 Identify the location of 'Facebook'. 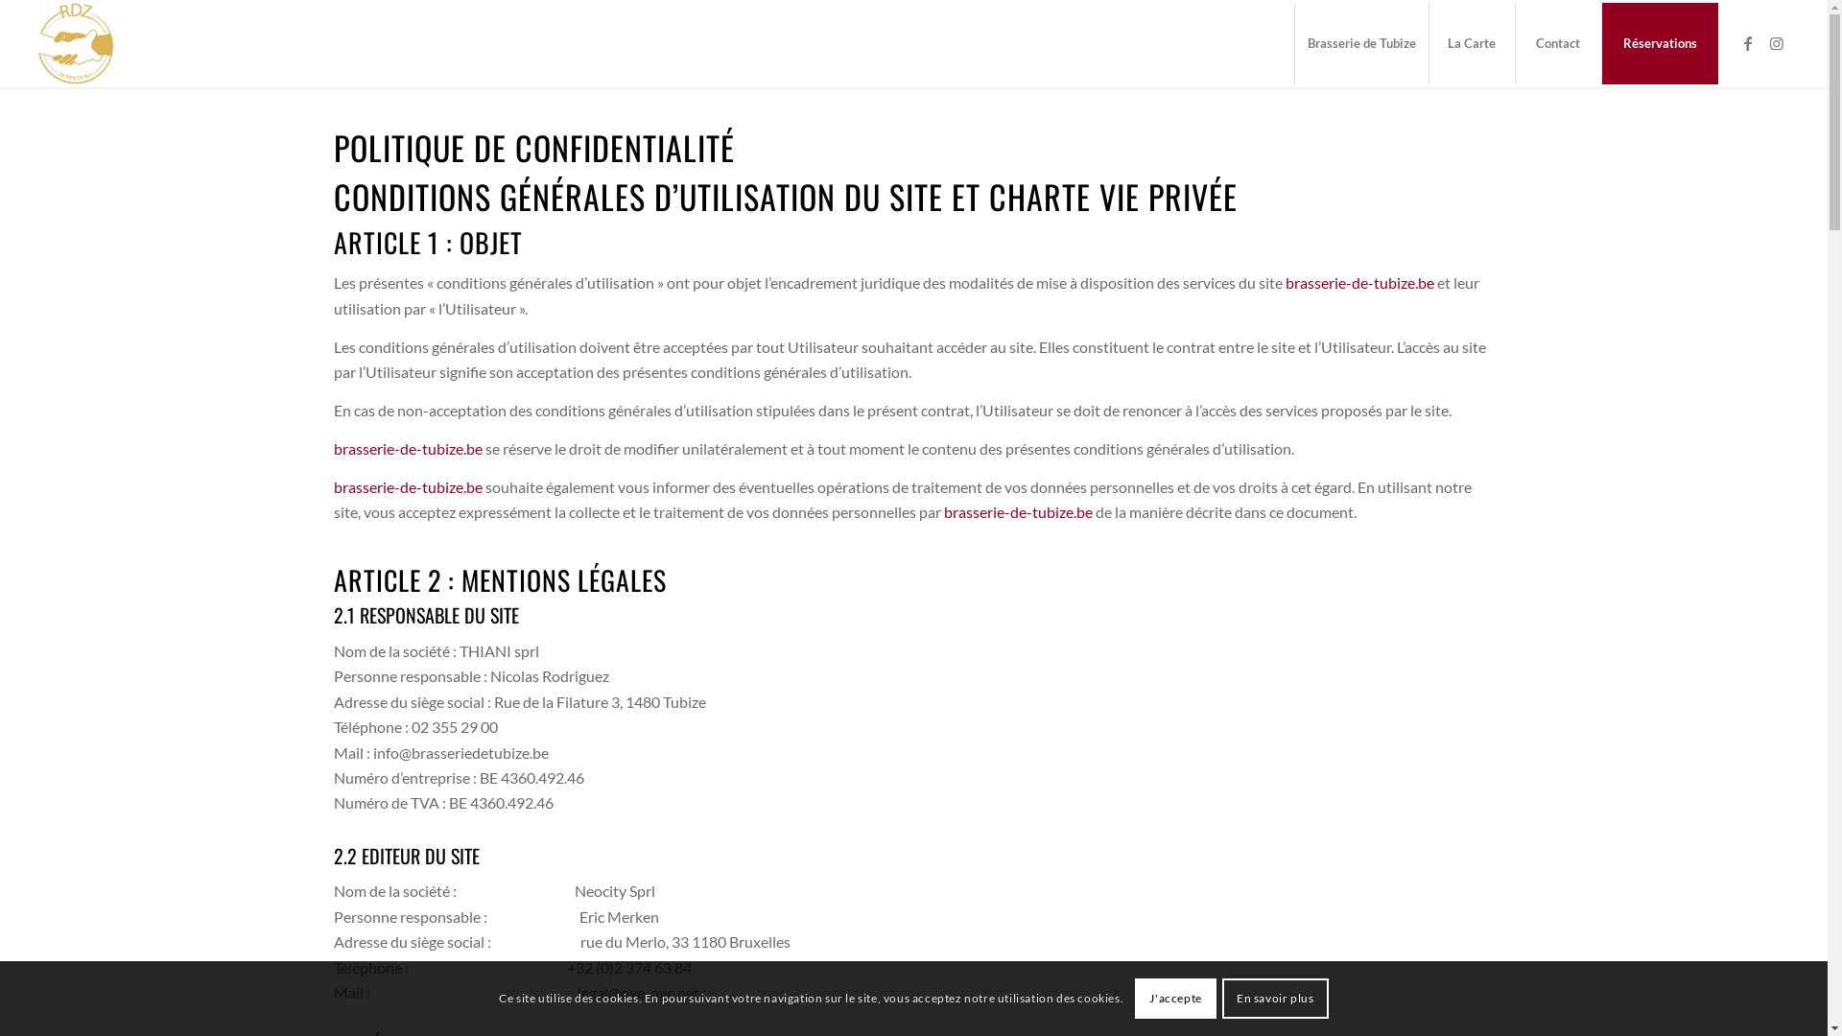
(1748, 43).